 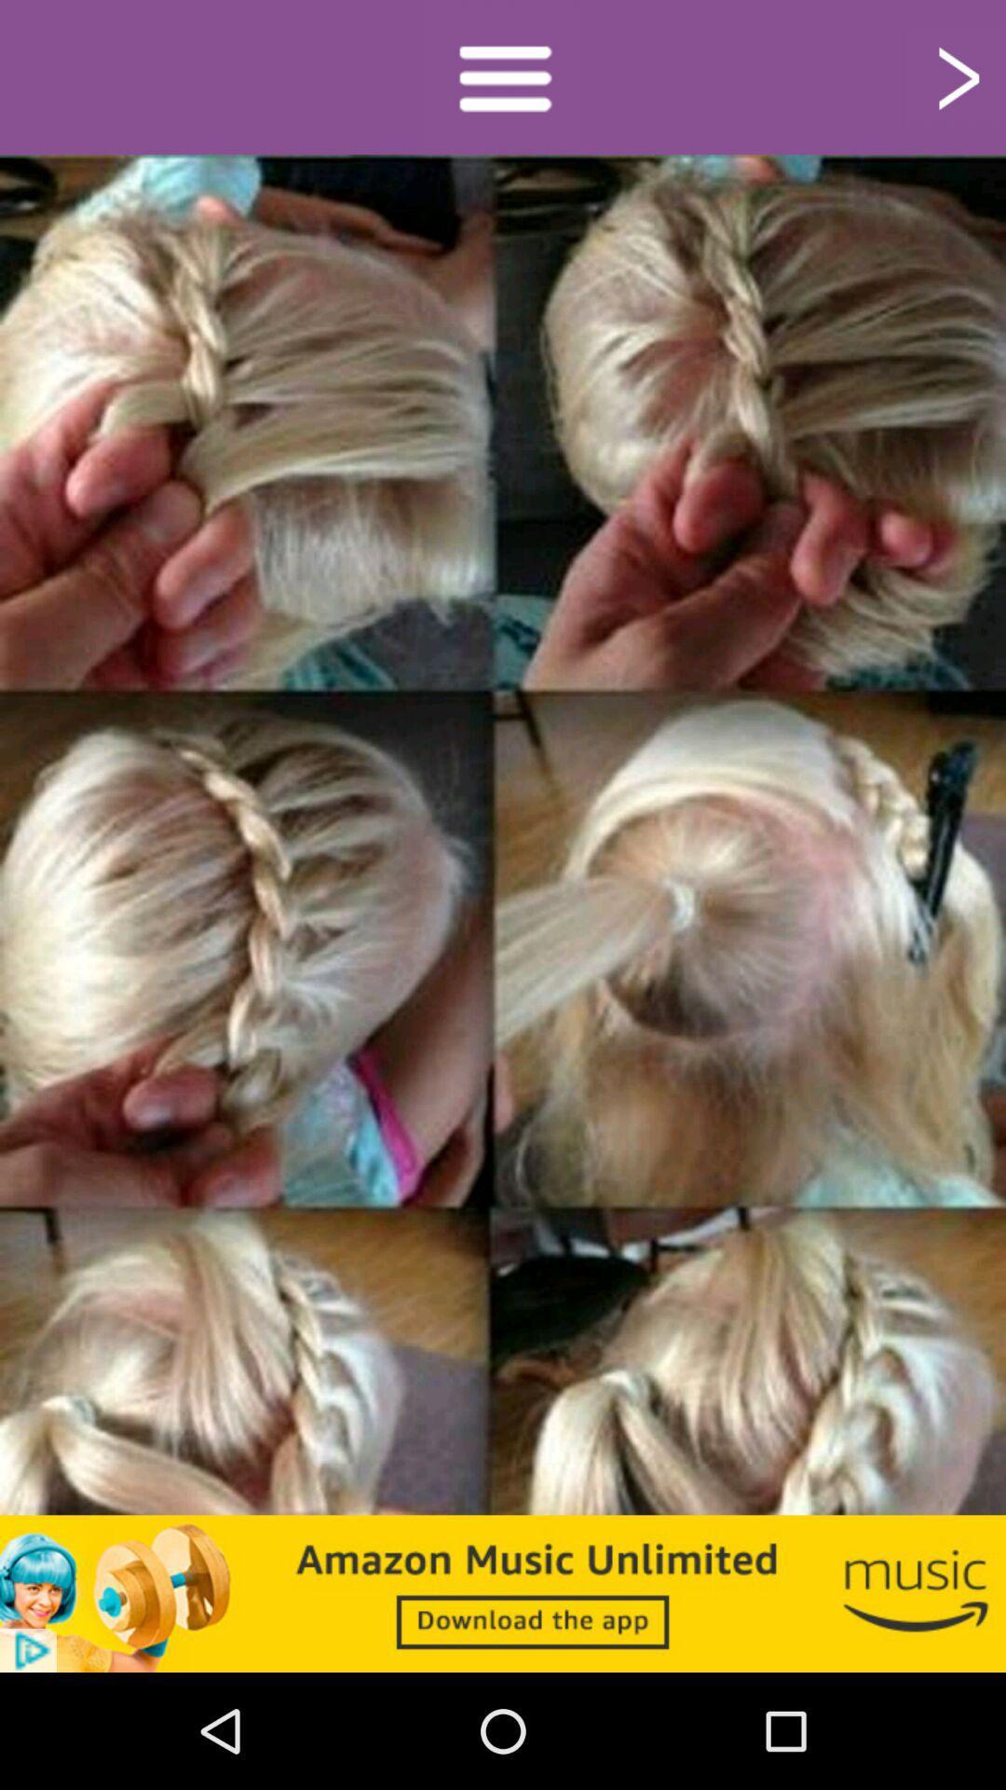 I want to click on access gallery, so click(x=503, y=76).